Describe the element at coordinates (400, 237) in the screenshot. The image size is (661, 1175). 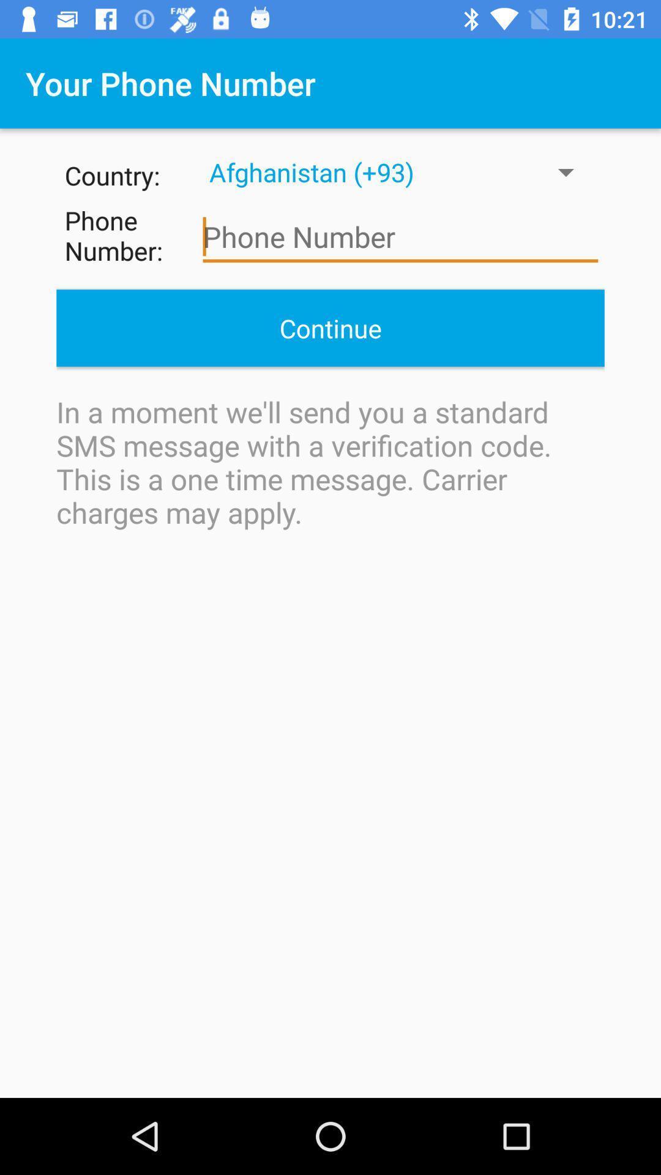
I see `phone number` at that location.